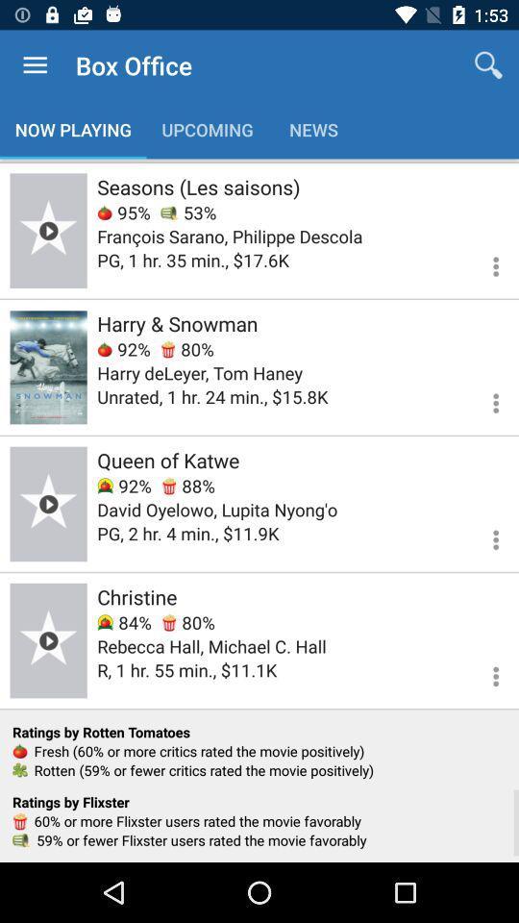  Describe the element at coordinates (177, 323) in the screenshot. I see `harry & snowman` at that location.